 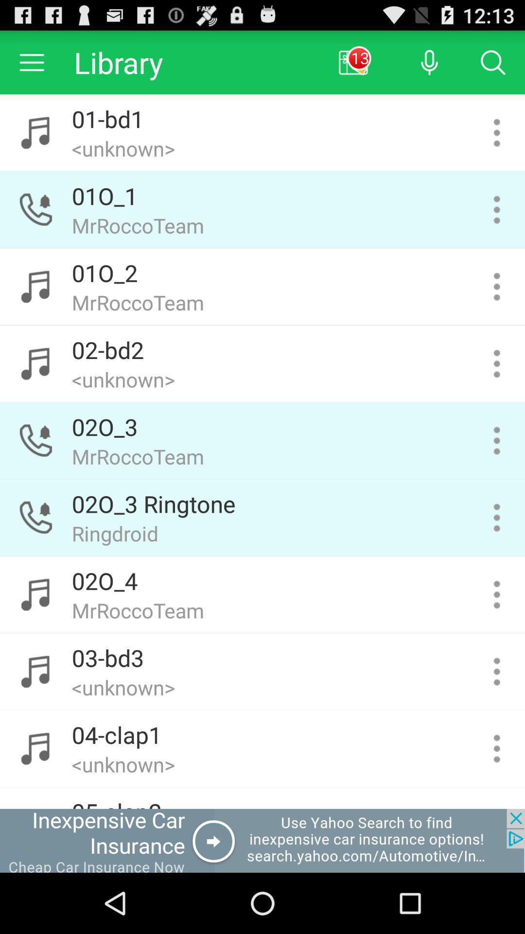 What do you see at coordinates (497, 209) in the screenshot?
I see `open context menu` at bounding box center [497, 209].